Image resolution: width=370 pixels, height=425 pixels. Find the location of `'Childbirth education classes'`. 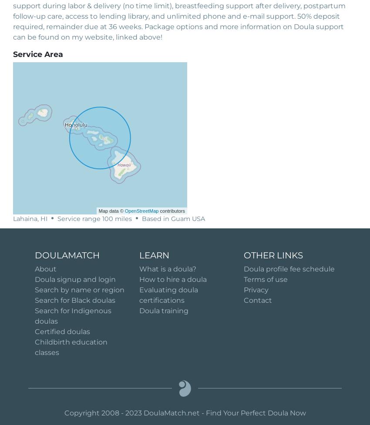

'Childbirth education classes' is located at coordinates (71, 347).